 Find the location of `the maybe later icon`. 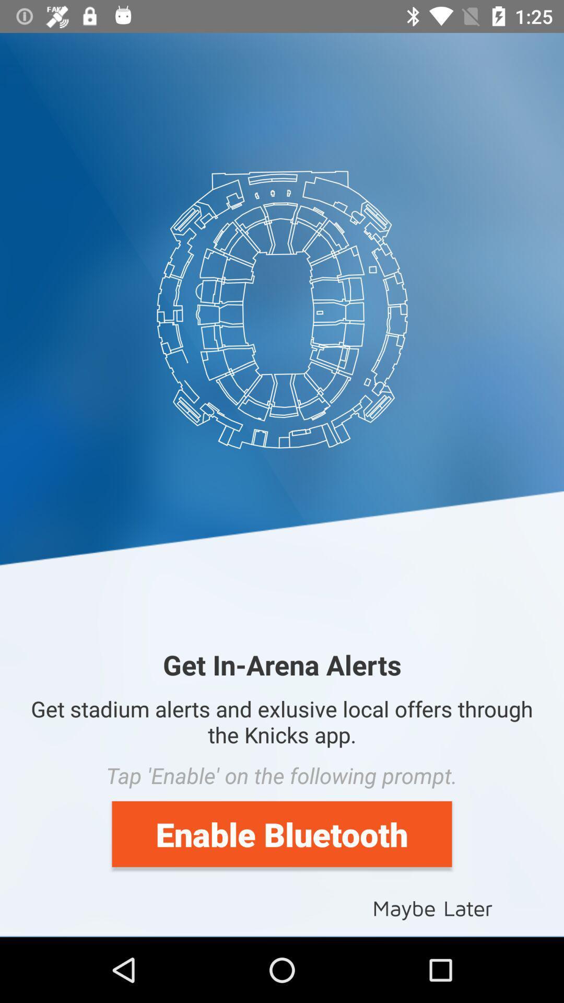

the maybe later icon is located at coordinates (432, 907).